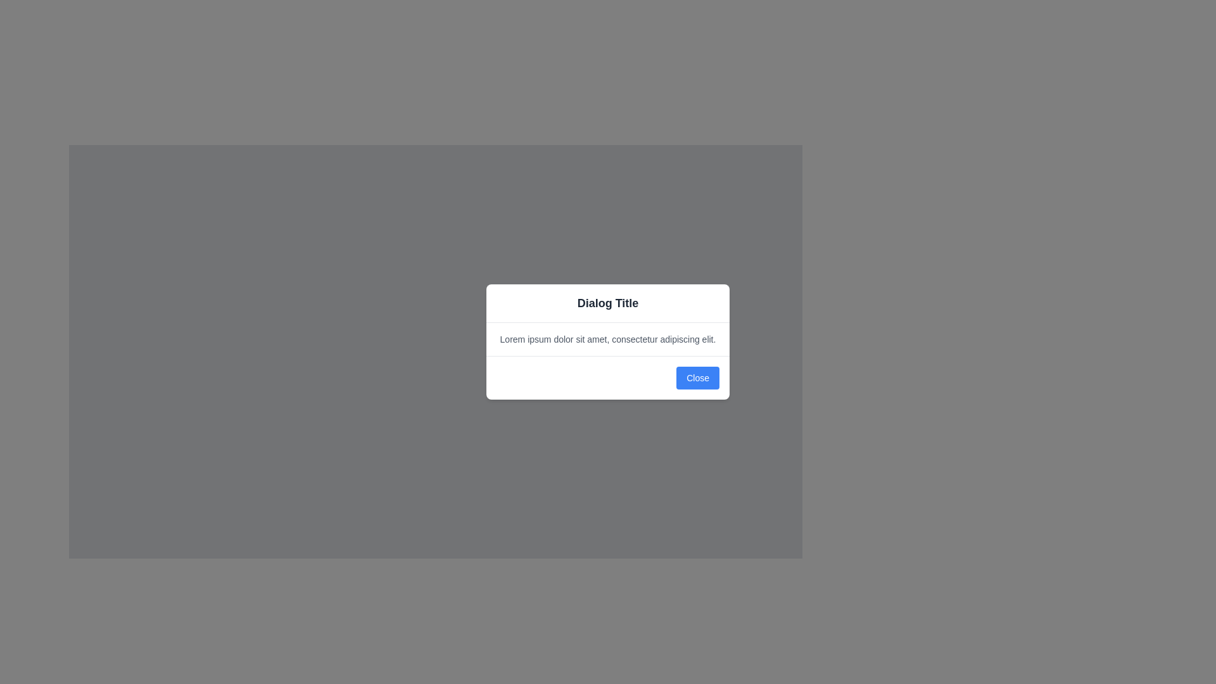 Image resolution: width=1216 pixels, height=684 pixels. Describe the element at coordinates (608, 303) in the screenshot. I see `the title text display at the top of the dialog box, which serves as a clear description of the modal's purpose` at that location.